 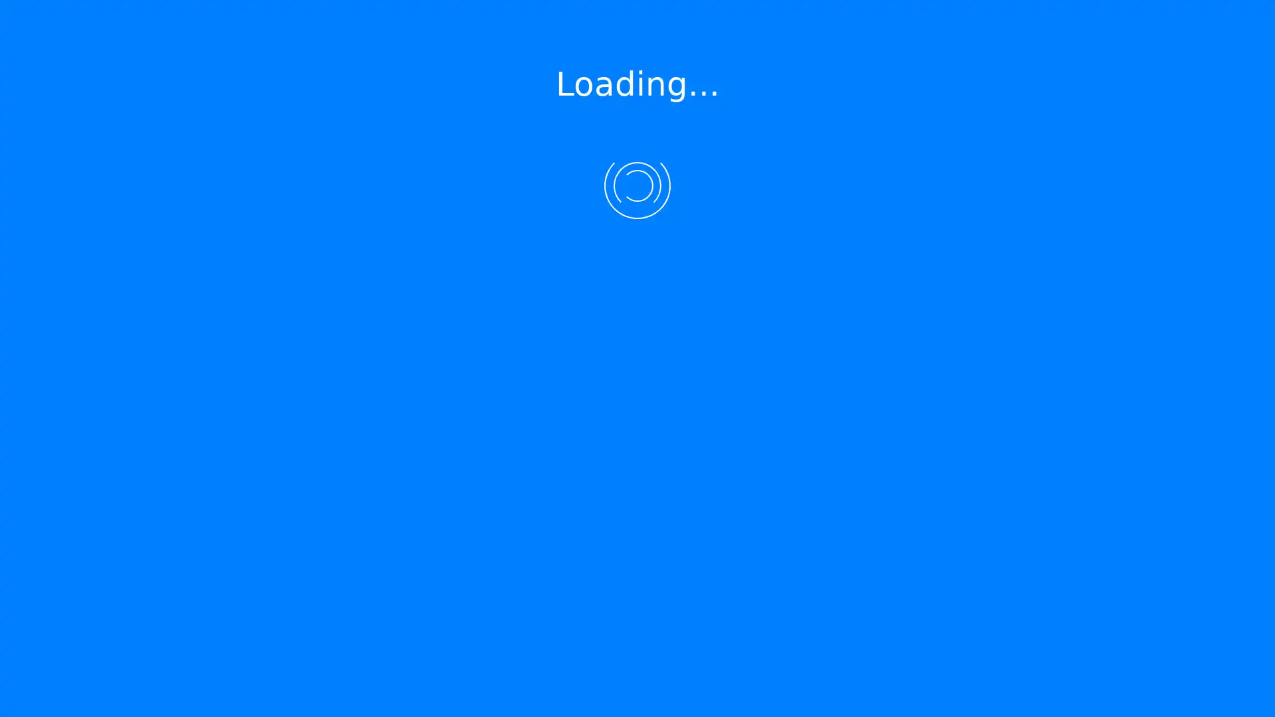 I want to click on Submit, so click(x=636, y=160).